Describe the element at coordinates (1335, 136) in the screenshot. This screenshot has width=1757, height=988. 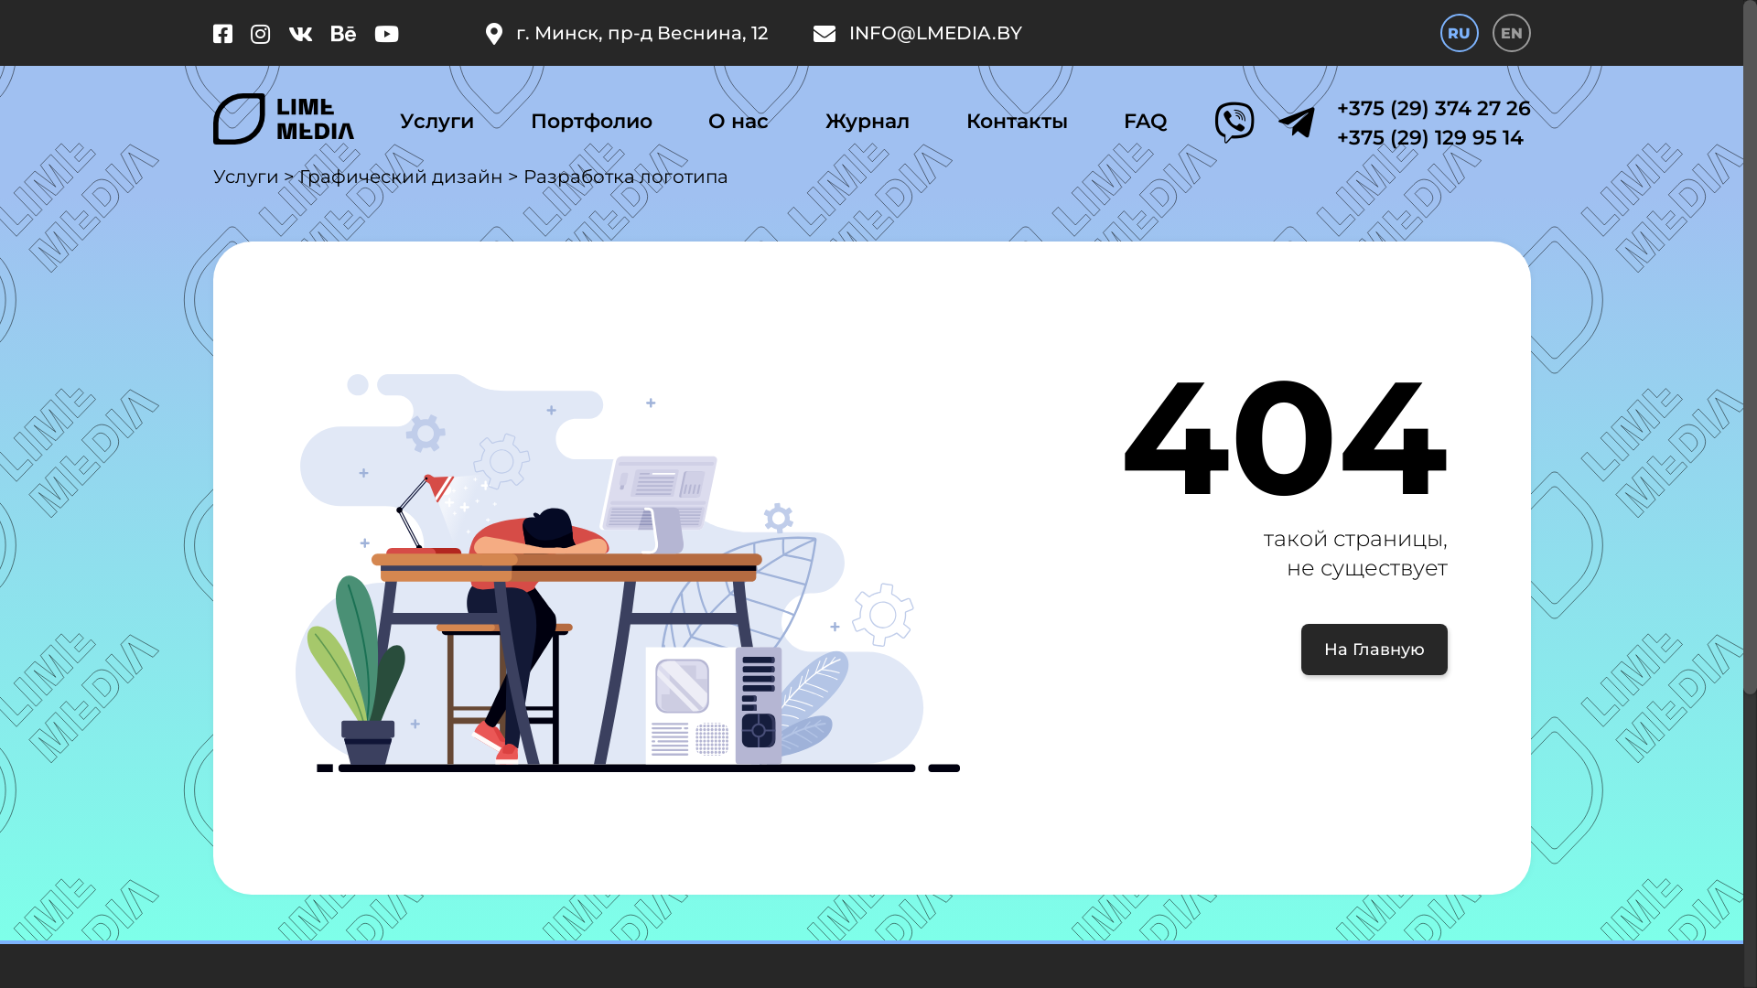
I see `'+375 (29) 129 95 14'` at that location.